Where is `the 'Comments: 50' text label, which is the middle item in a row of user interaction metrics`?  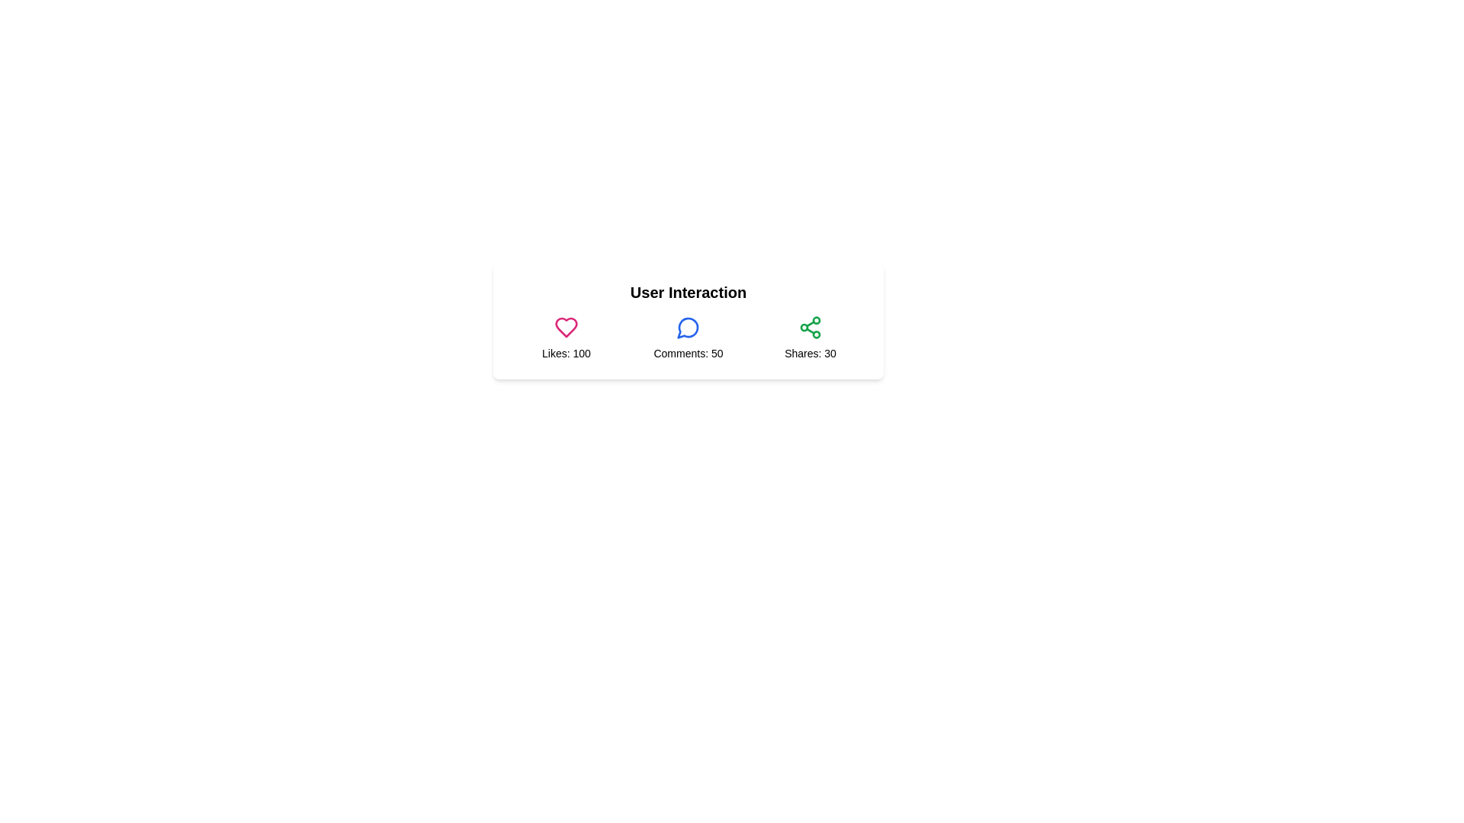 the 'Comments: 50' text label, which is the middle item in a row of user interaction metrics is located at coordinates (687, 337).